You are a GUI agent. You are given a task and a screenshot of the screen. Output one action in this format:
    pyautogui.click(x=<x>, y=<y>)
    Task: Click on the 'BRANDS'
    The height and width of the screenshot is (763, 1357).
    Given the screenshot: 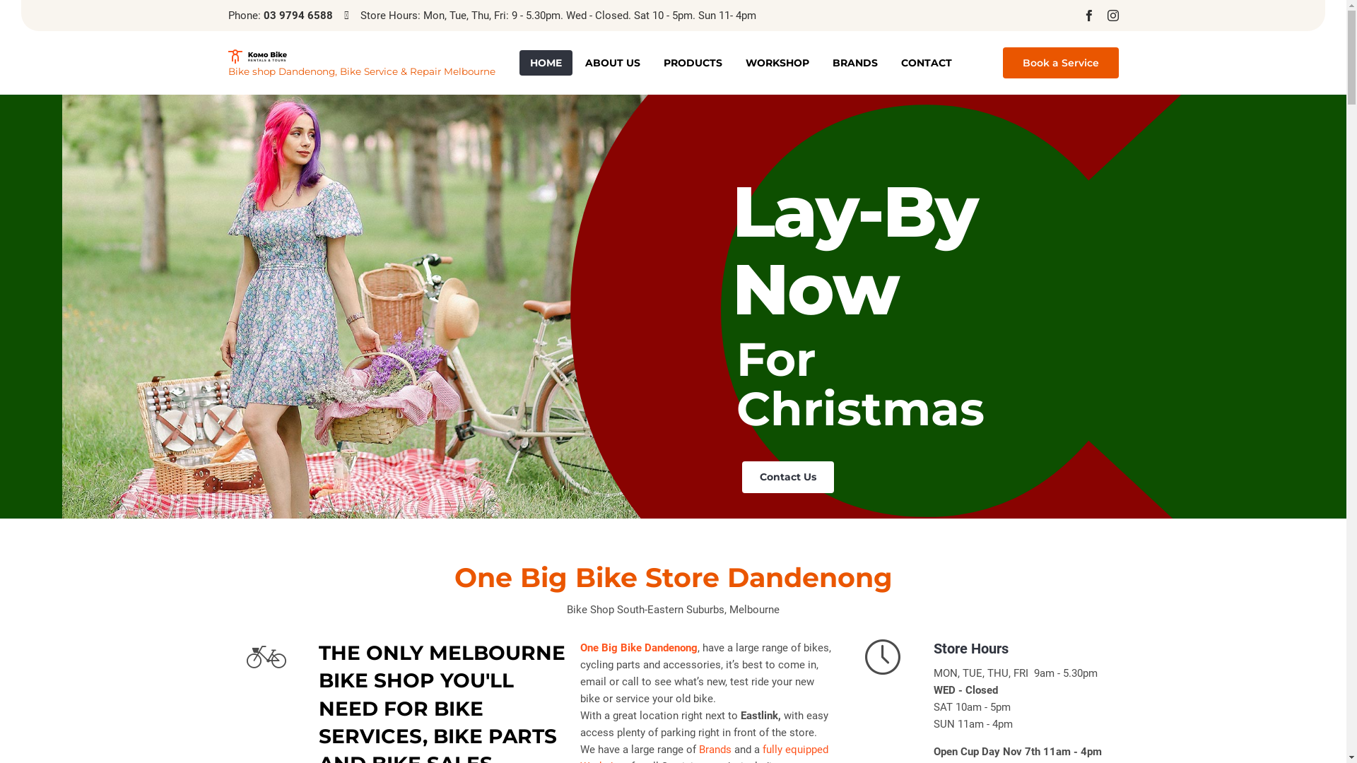 What is the action you would take?
    pyautogui.click(x=854, y=61)
    